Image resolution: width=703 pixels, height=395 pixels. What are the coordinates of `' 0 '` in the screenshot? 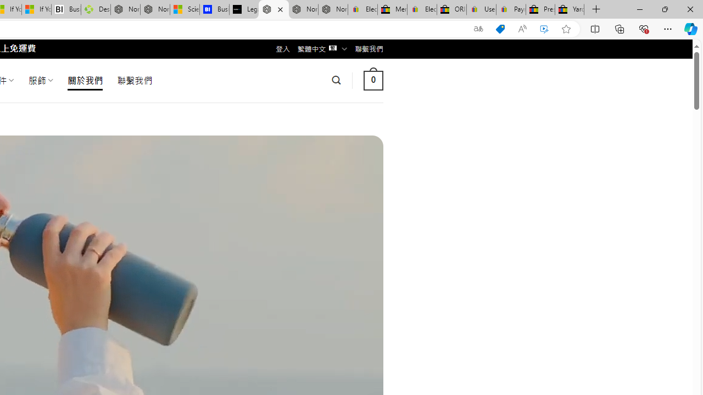 It's located at (373, 80).